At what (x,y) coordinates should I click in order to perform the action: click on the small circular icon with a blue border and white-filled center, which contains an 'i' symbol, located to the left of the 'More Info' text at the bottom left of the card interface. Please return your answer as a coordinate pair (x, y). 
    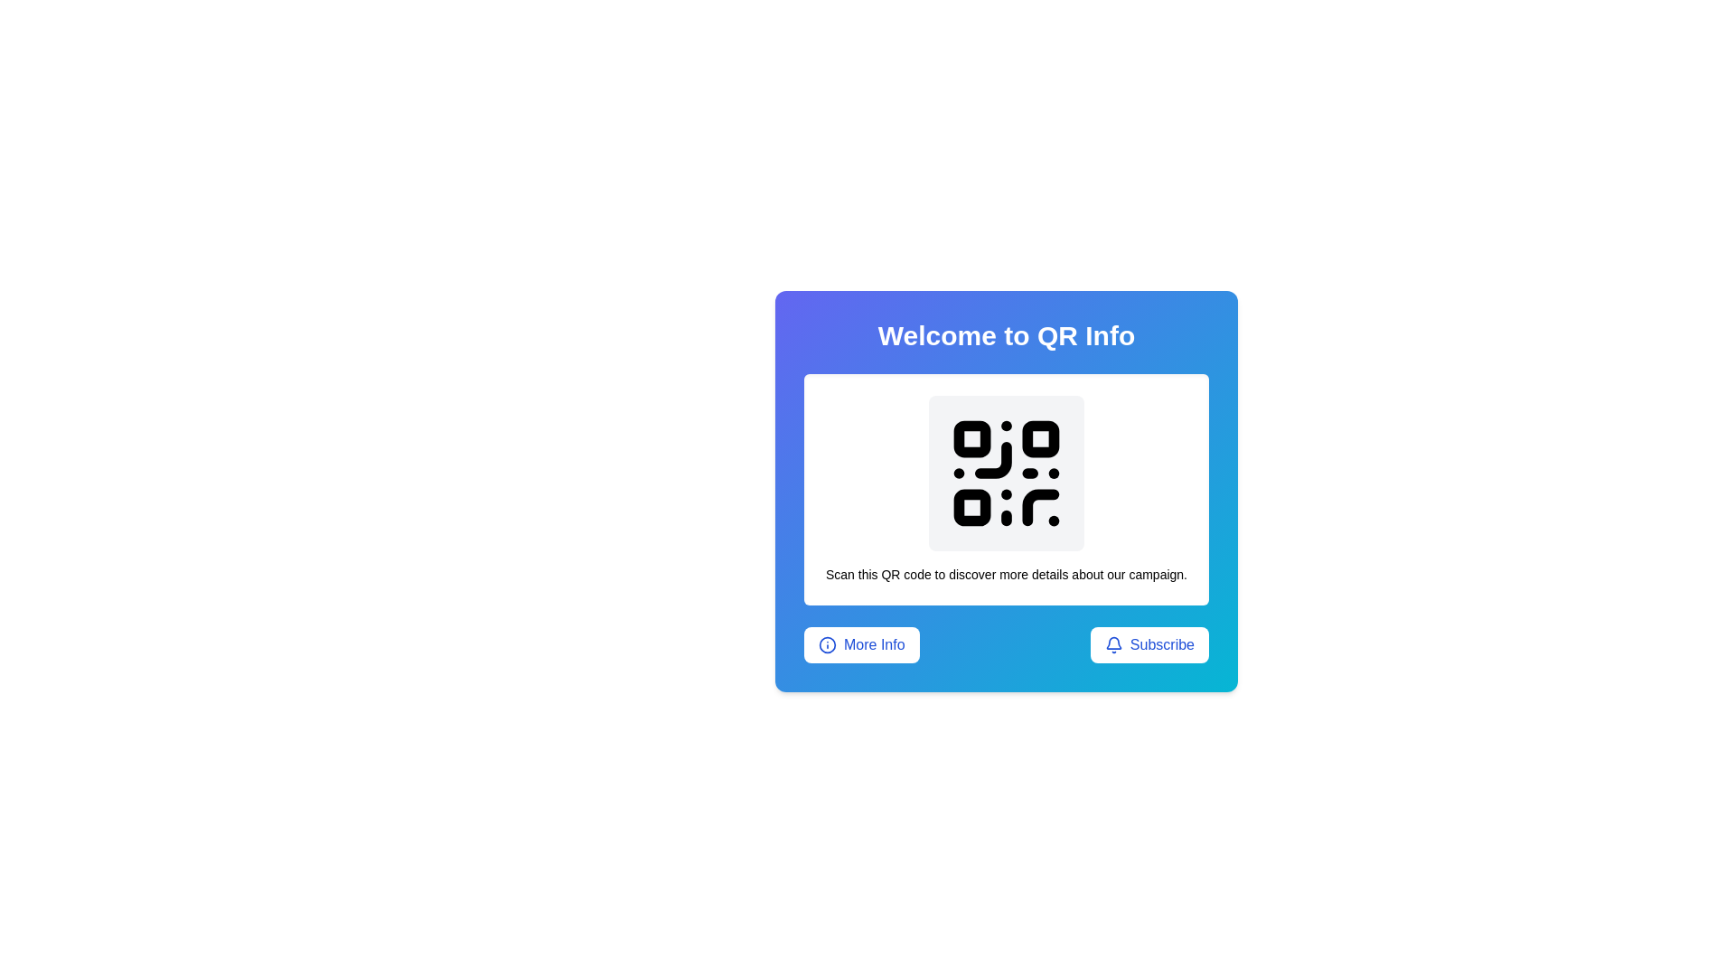
    Looking at the image, I should click on (827, 643).